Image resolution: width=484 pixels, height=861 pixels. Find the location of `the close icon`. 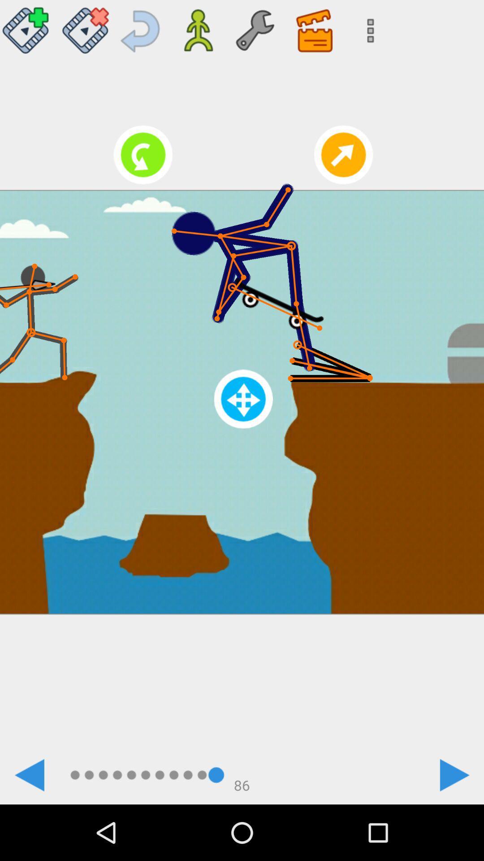

the close icon is located at coordinates (85, 27).